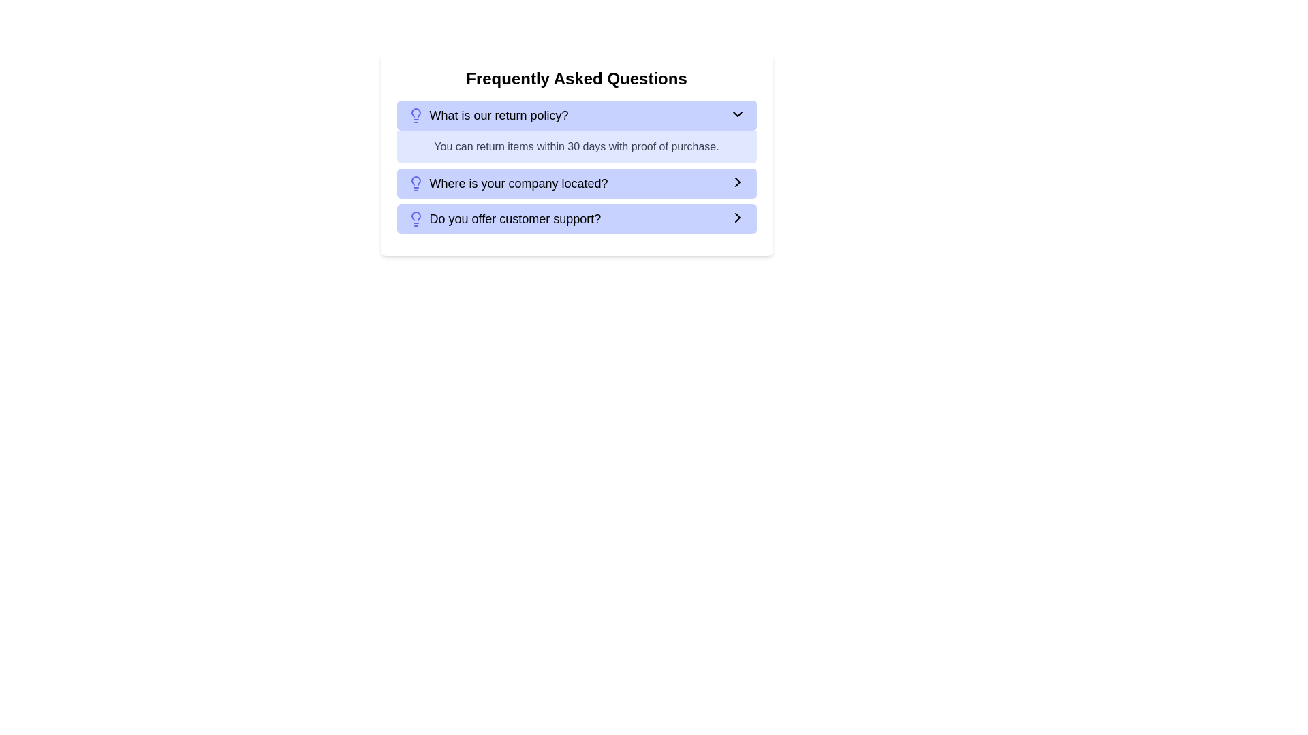 The width and height of the screenshot is (1308, 735). What do you see at coordinates (576, 147) in the screenshot?
I see `the static text element that provides supplementary information related to the question 'What is our return policy?', located directly below the header` at bounding box center [576, 147].